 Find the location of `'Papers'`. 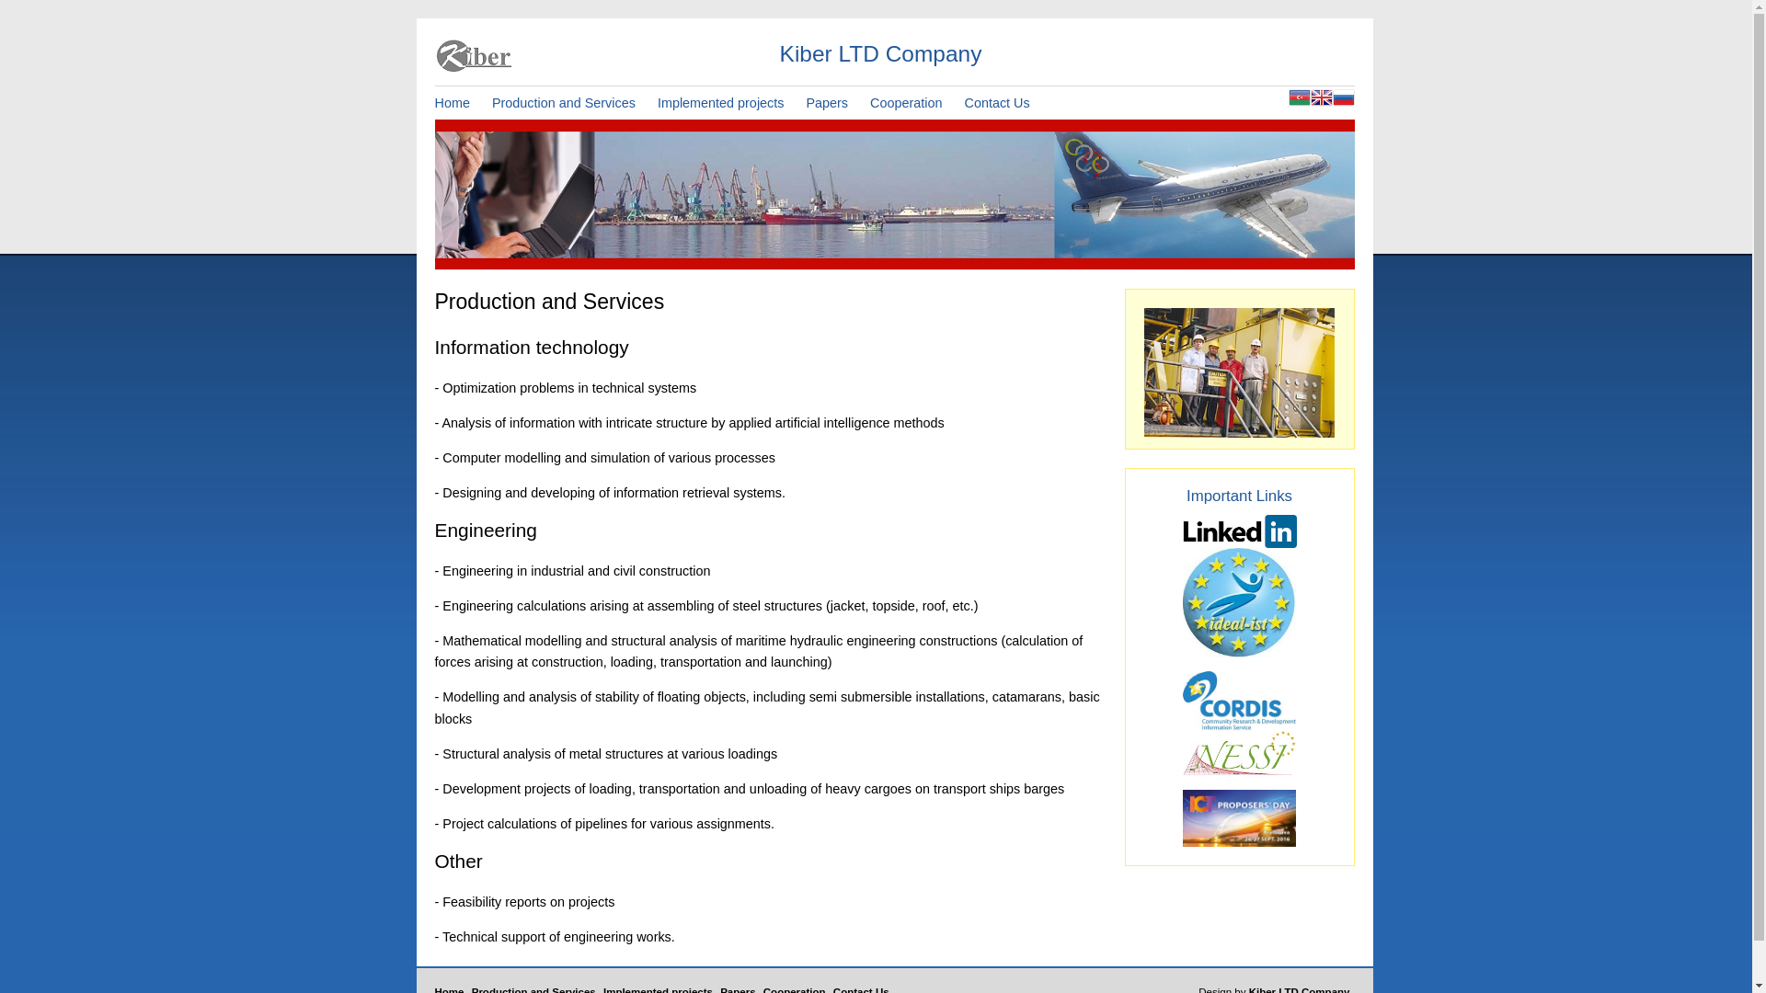

'Papers' is located at coordinates (834, 102).